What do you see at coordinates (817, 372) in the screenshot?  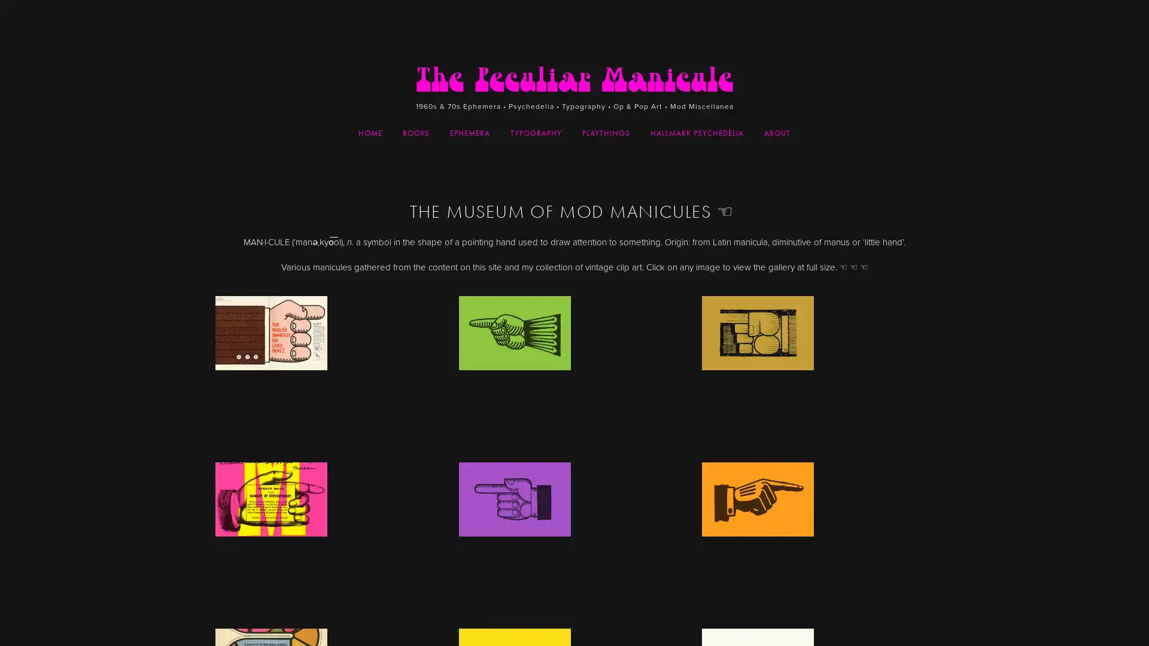 I see `View fullsize manicule-4-212.jpg` at bounding box center [817, 372].